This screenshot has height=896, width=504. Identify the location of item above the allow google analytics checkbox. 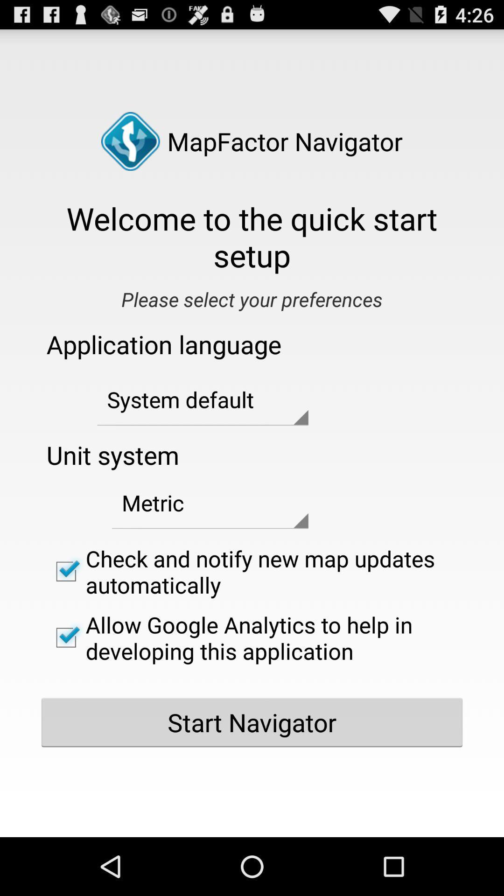
(252, 571).